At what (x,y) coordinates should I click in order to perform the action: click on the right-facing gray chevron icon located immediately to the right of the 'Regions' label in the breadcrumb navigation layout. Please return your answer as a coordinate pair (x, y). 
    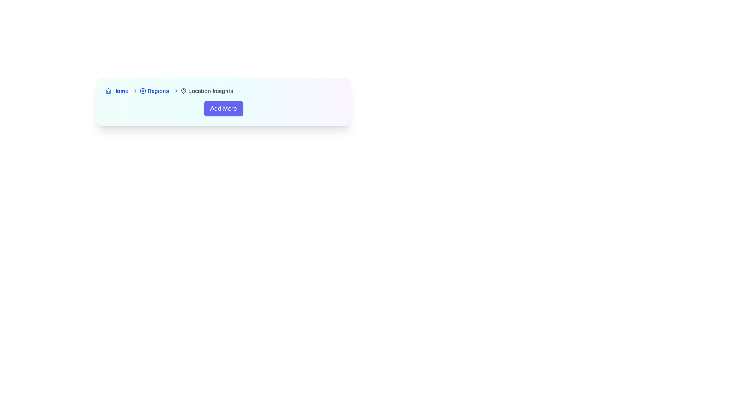
    Looking at the image, I should click on (135, 91).